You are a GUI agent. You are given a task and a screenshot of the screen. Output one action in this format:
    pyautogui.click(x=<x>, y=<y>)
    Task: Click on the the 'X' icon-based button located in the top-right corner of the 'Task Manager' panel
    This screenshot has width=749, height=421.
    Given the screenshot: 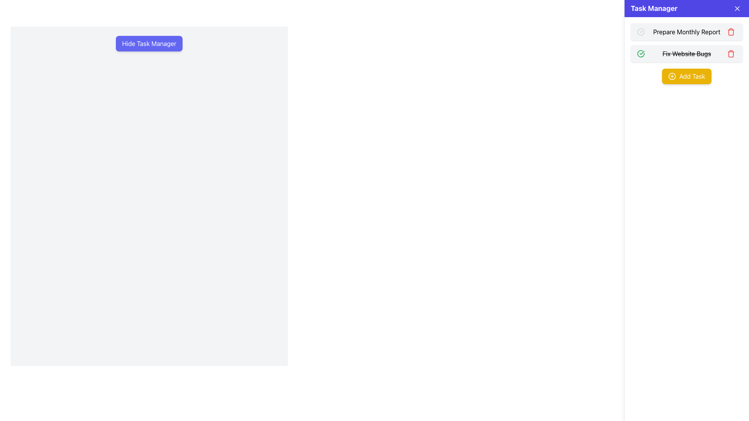 What is the action you would take?
    pyautogui.click(x=737, y=9)
    